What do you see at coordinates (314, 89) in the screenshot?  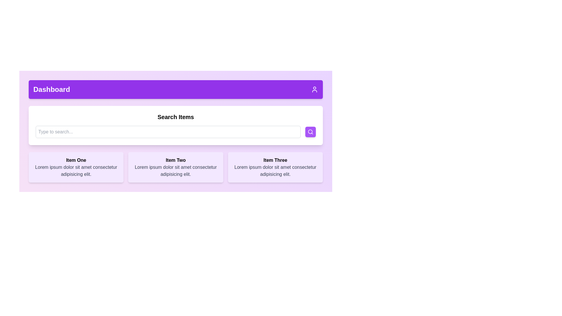 I see `the outlined user icon button on the rightmost position of the purple header bar` at bounding box center [314, 89].